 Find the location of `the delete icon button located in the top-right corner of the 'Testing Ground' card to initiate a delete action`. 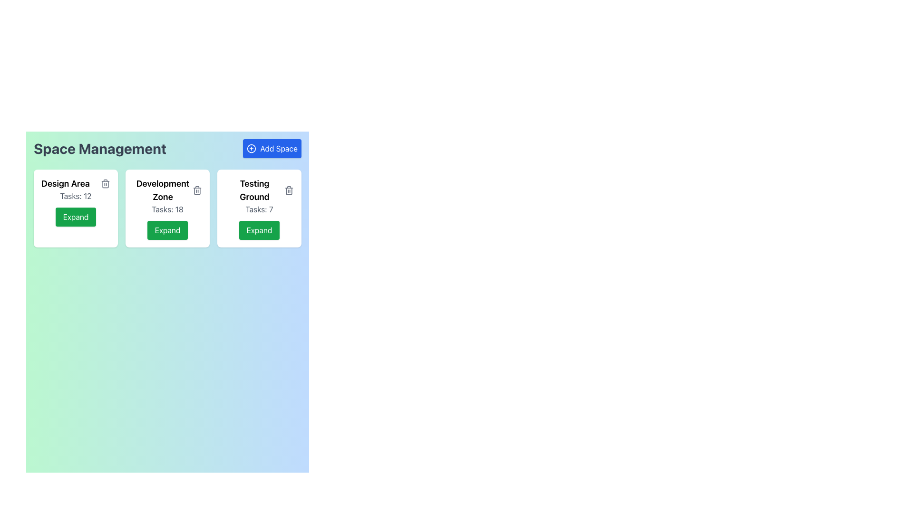

the delete icon button located in the top-right corner of the 'Testing Ground' card to initiate a delete action is located at coordinates (289, 190).